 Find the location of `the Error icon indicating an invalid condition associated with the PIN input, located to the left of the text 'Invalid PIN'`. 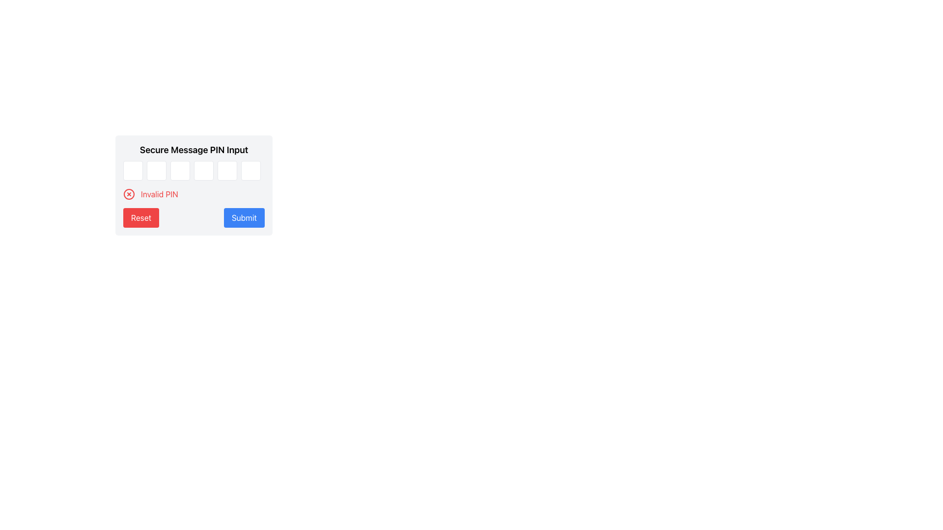

the Error icon indicating an invalid condition associated with the PIN input, located to the left of the text 'Invalid PIN' is located at coordinates (129, 194).